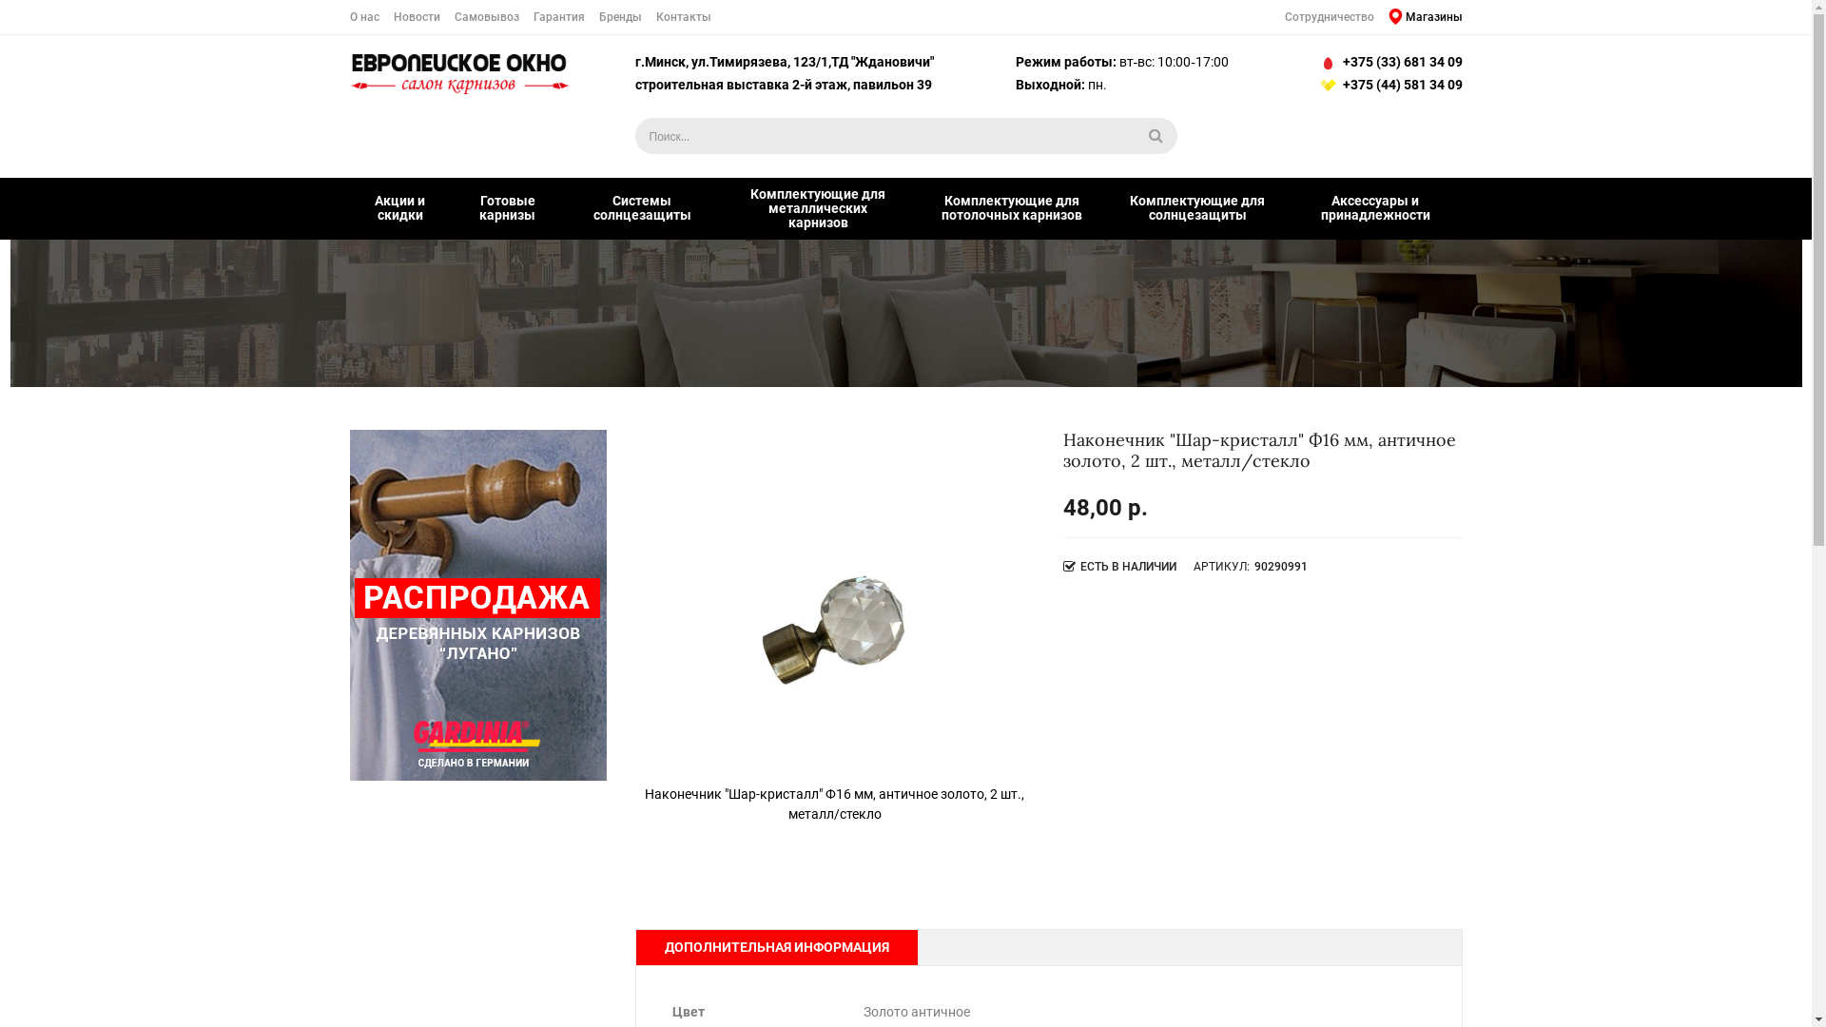 This screenshot has height=1027, width=1826. I want to click on '+375 (44) 581 34 09', so click(1388, 84).